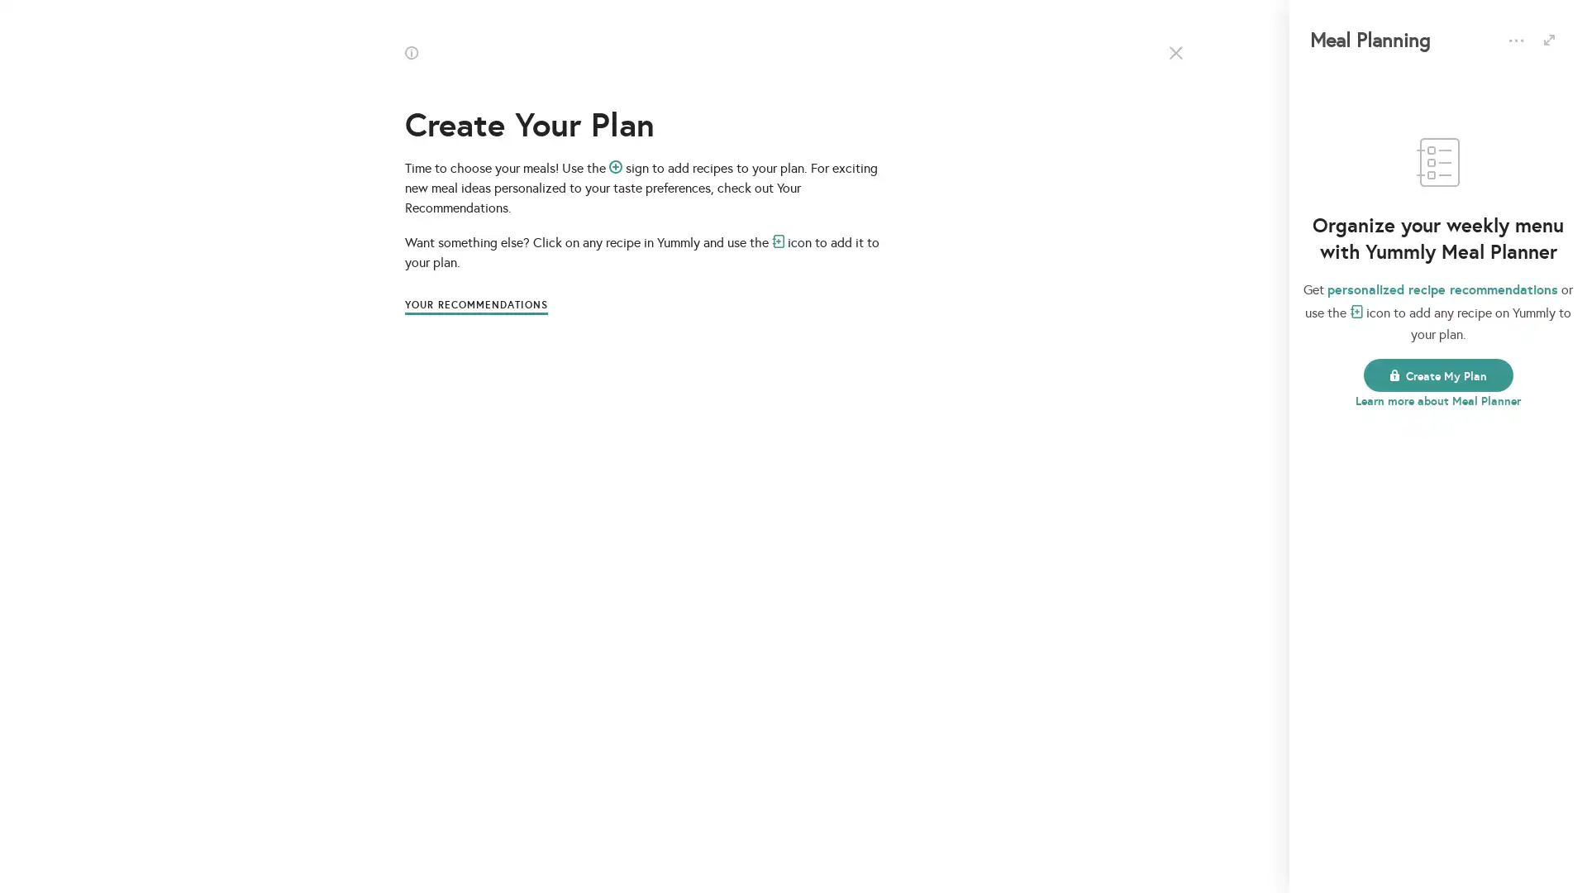  I want to click on Sesame-Free, so click(1339, 472).